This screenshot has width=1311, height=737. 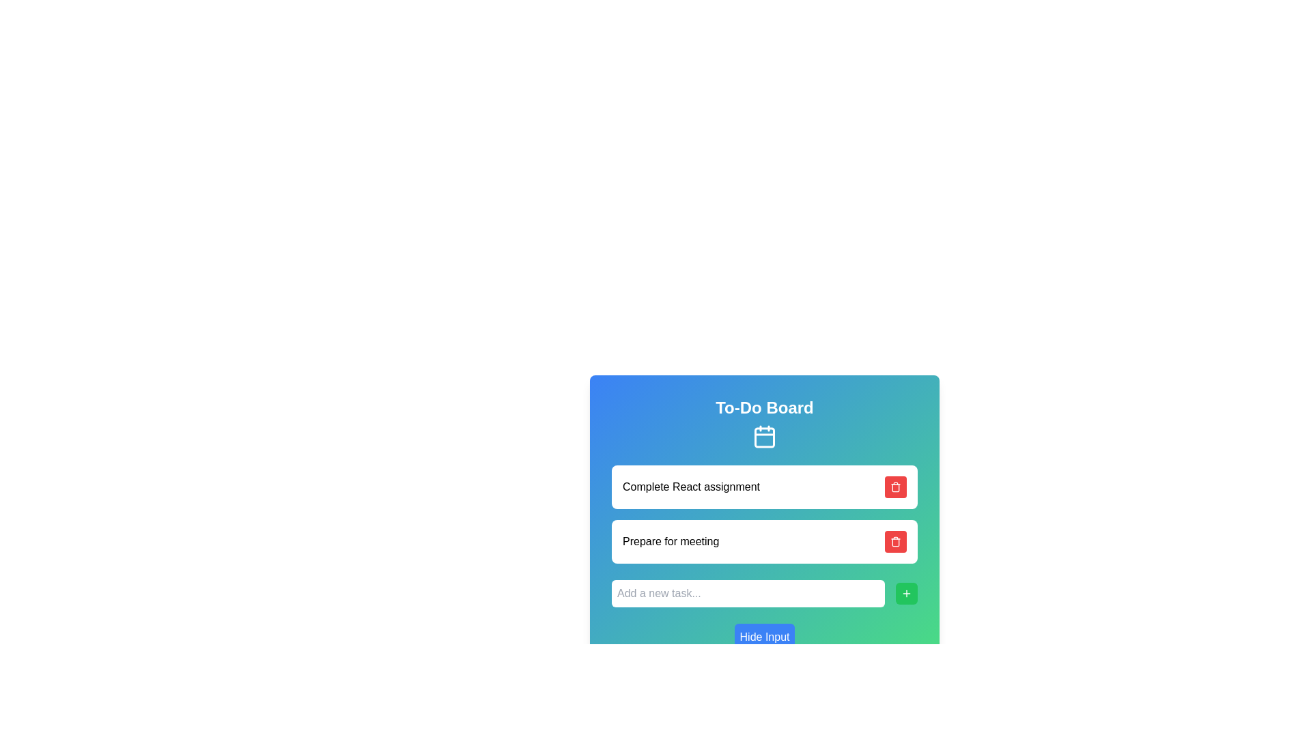 What do you see at coordinates (671, 541) in the screenshot?
I see `the text segment displaying 'Prepare for meeting'` at bounding box center [671, 541].